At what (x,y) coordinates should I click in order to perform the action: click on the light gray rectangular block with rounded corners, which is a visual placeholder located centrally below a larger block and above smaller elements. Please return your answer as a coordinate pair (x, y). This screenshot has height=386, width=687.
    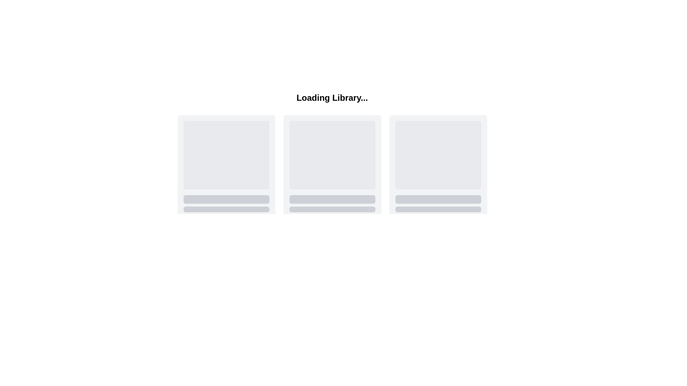
    Looking at the image, I should click on (332, 199).